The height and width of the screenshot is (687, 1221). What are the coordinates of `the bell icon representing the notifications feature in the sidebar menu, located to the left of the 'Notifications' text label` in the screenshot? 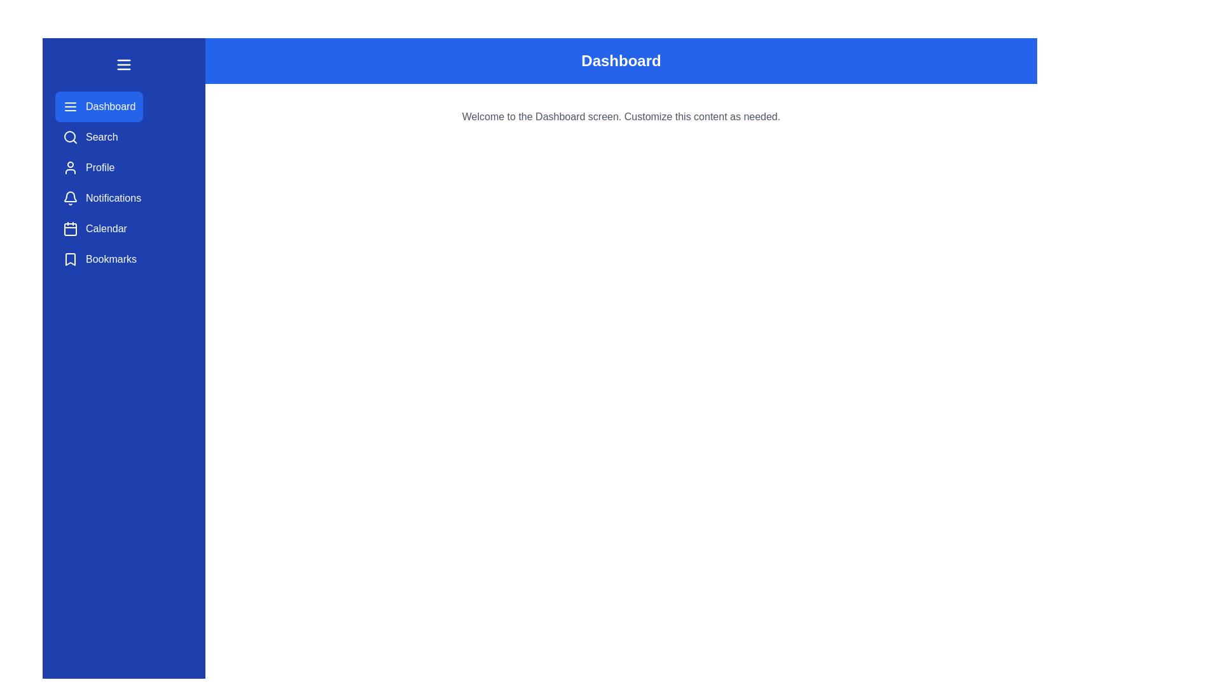 It's located at (69, 198).